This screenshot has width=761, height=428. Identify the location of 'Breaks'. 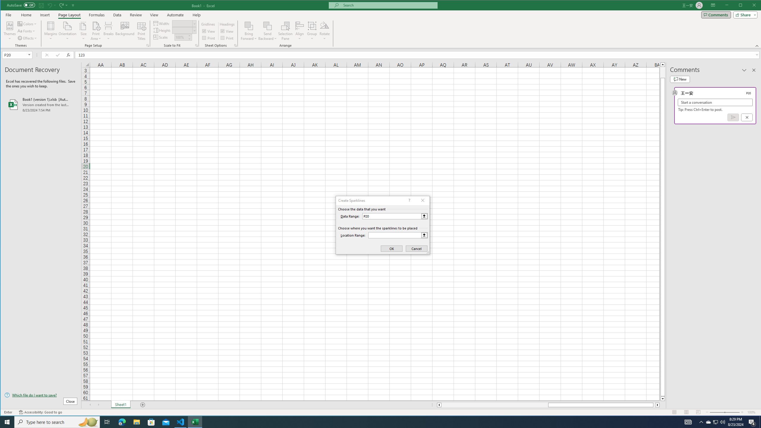
(108, 31).